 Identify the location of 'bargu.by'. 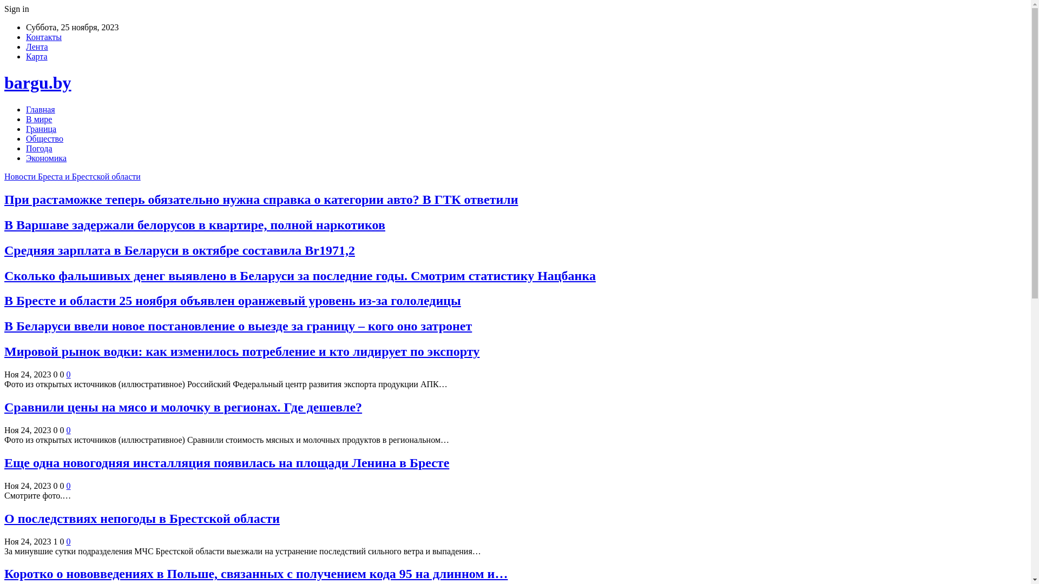
(38, 82).